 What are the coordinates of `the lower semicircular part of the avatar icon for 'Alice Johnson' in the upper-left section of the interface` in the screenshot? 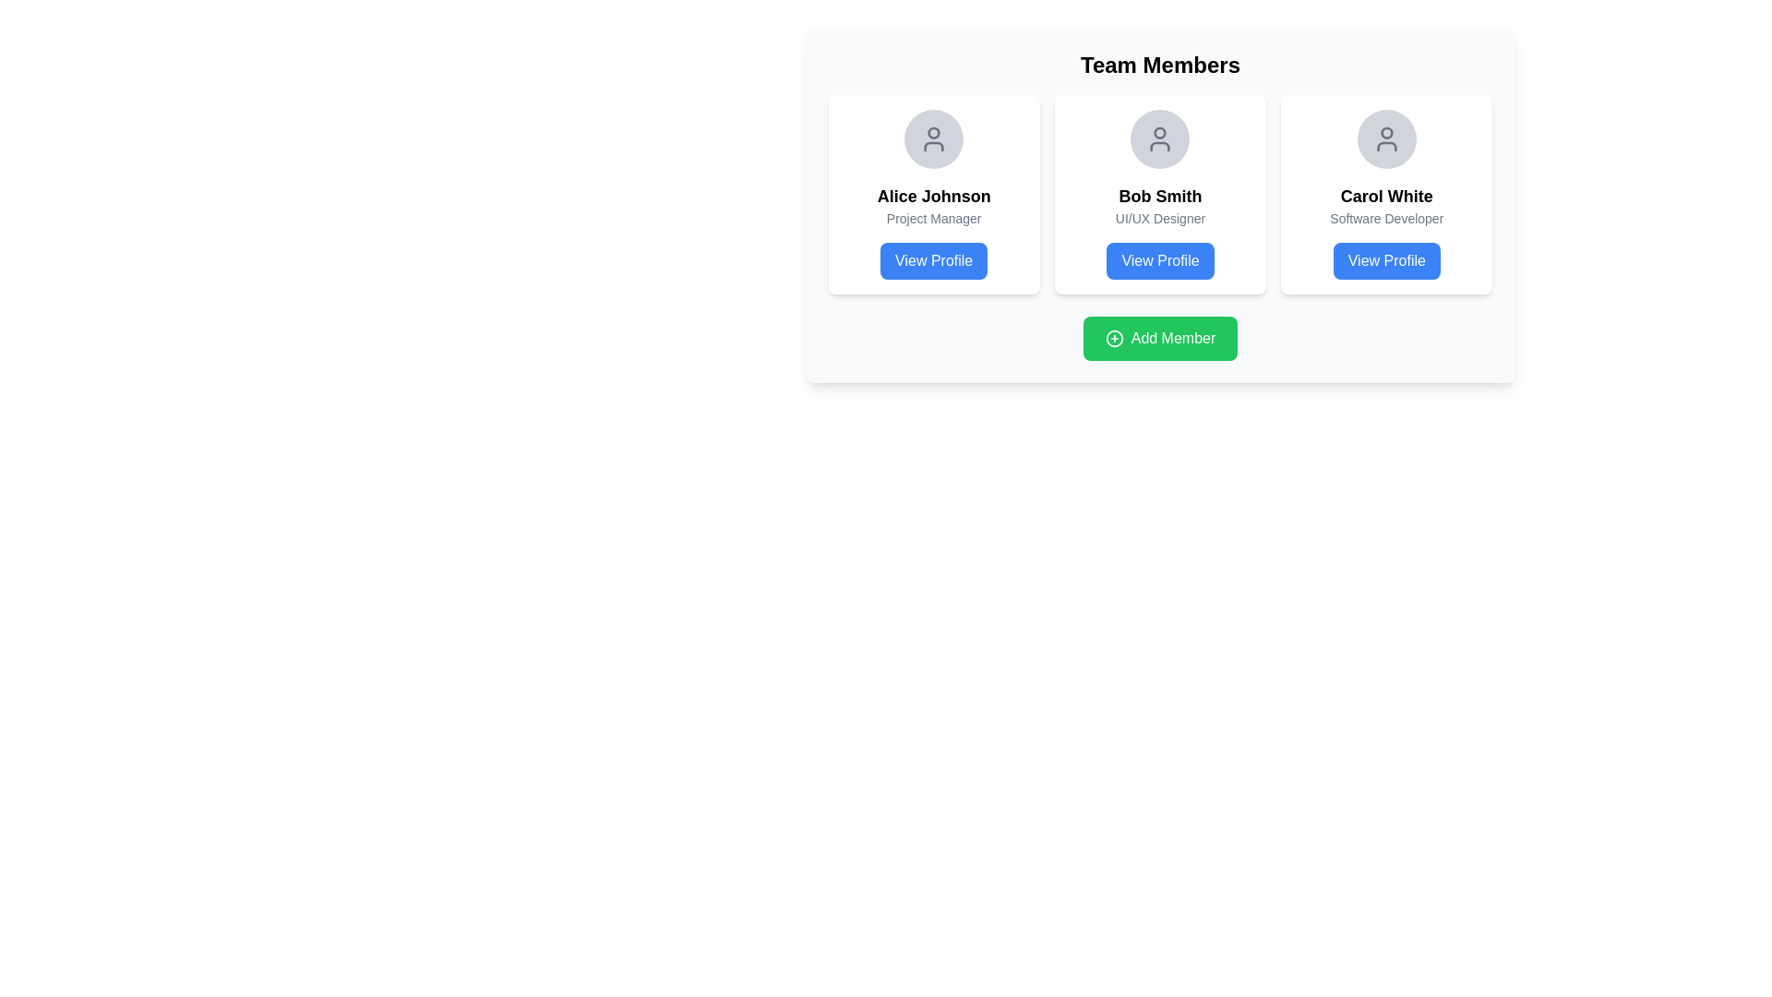 It's located at (934, 145).